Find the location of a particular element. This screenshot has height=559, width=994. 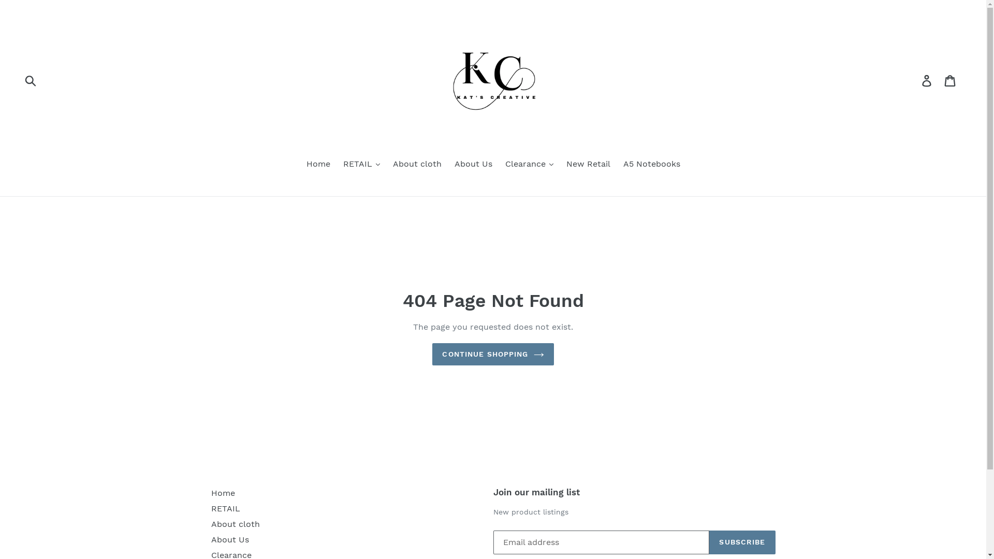

'About Us' is located at coordinates (473, 164).